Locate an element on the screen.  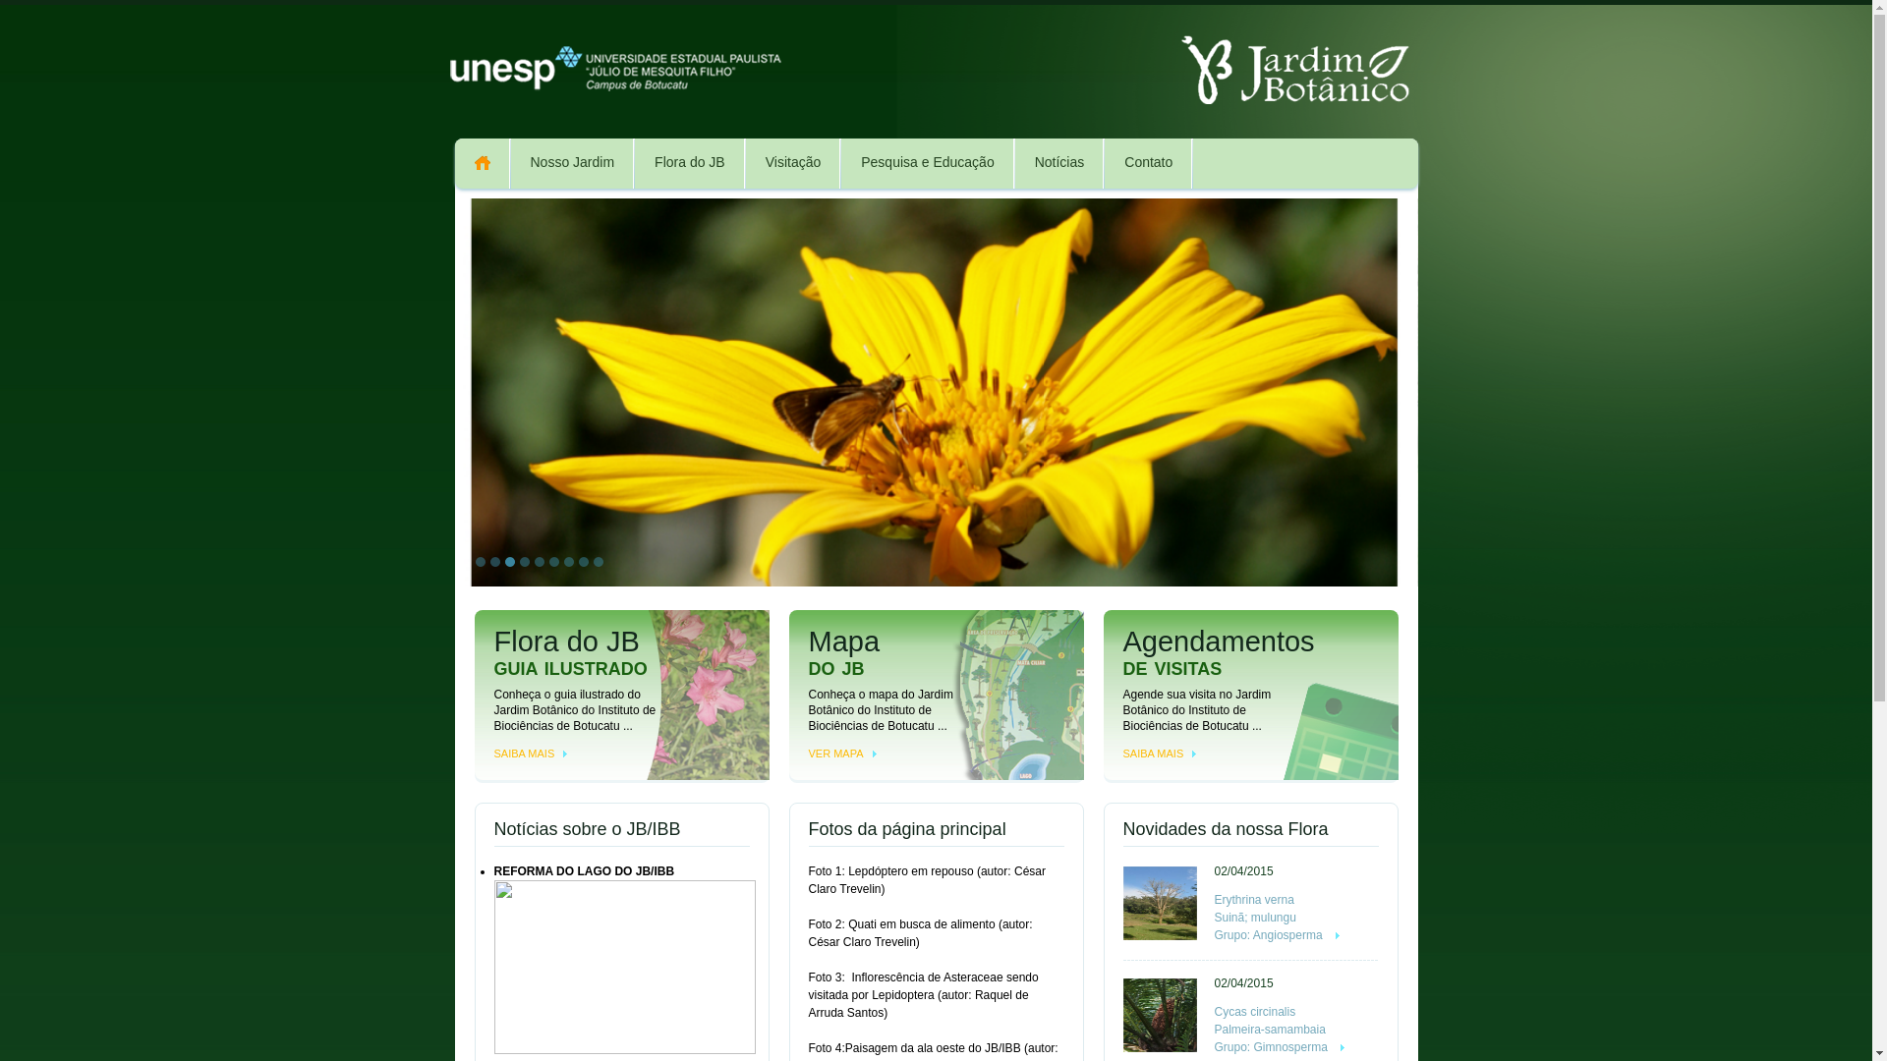
'SAIBA MAIS' is located at coordinates (530, 753).